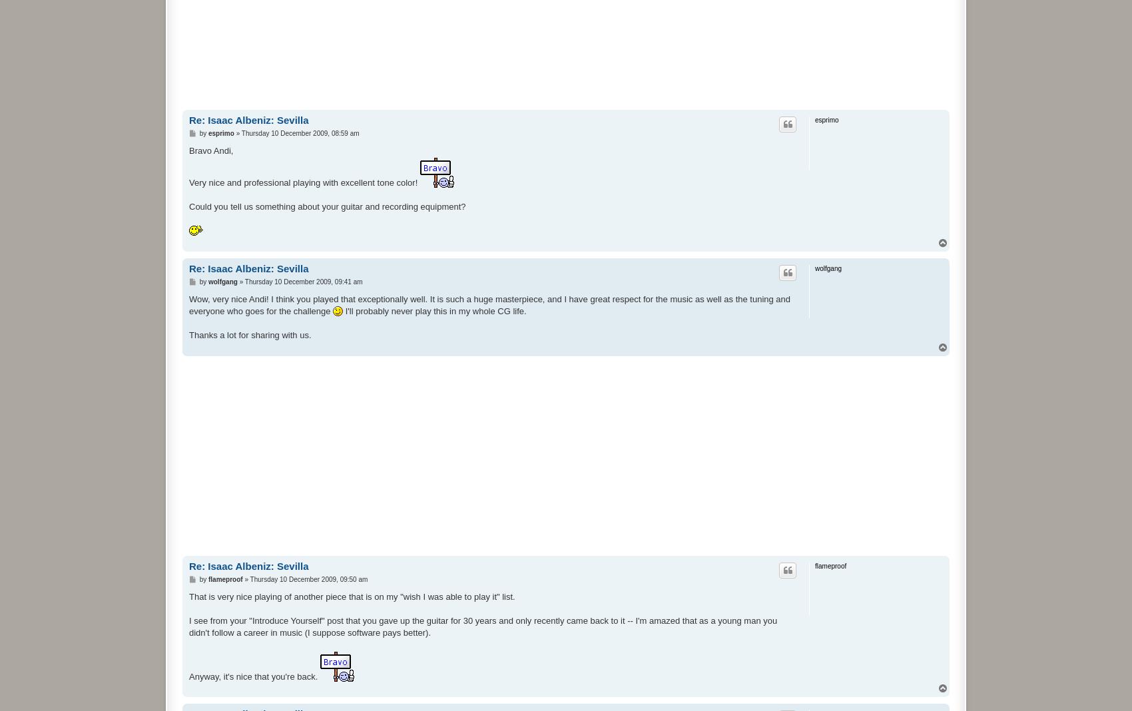 Image resolution: width=1132 pixels, height=711 pixels. What do you see at coordinates (304, 181) in the screenshot?
I see `'Very nice and professional playing with excellent tone color!'` at bounding box center [304, 181].